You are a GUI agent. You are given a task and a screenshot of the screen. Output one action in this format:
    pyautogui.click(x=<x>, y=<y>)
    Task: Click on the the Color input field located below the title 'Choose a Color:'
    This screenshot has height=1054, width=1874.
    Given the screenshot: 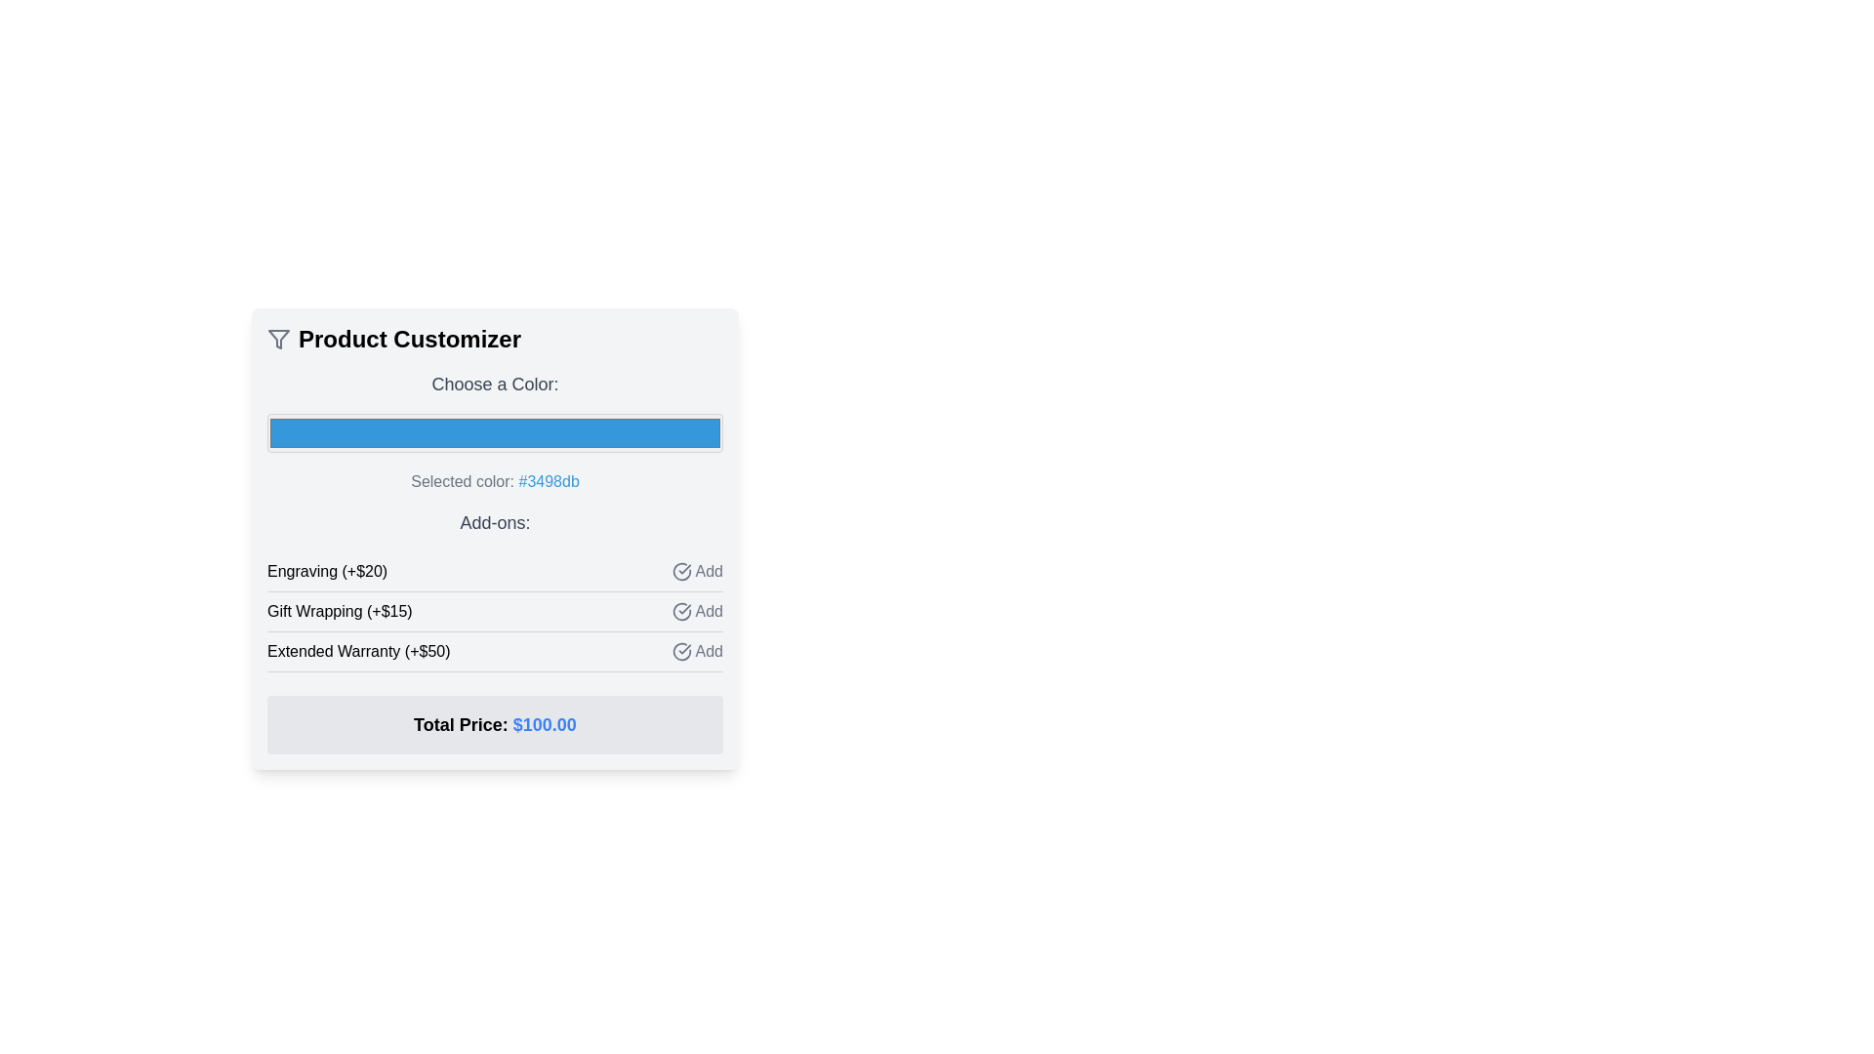 What is the action you would take?
    pyautogui.click(x=495, y=431)
    